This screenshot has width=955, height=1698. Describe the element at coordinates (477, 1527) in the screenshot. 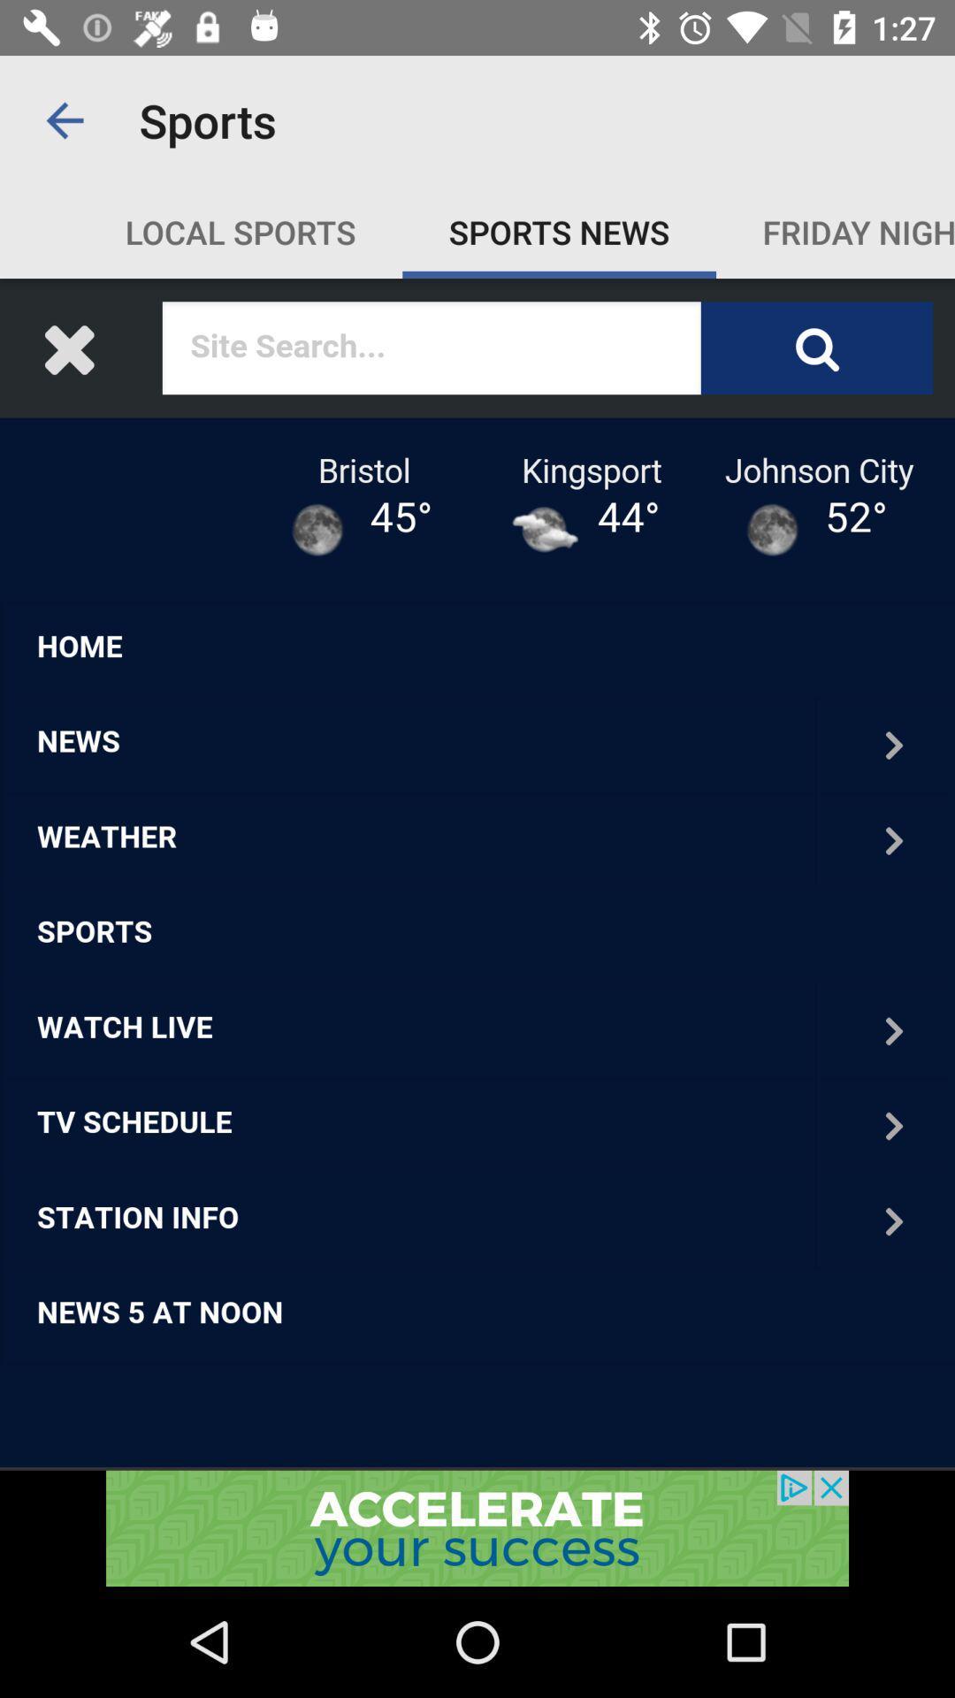

I see `advertisement` at that location.